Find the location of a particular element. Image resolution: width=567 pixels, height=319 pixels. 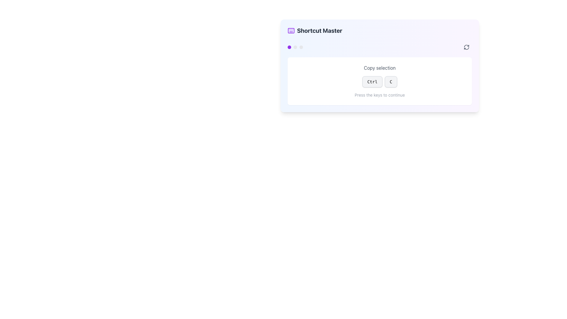

the instructional static text located at the bottom of the card layout, which provides guidance on pressing specific keys is located at coordinates (380, 95).